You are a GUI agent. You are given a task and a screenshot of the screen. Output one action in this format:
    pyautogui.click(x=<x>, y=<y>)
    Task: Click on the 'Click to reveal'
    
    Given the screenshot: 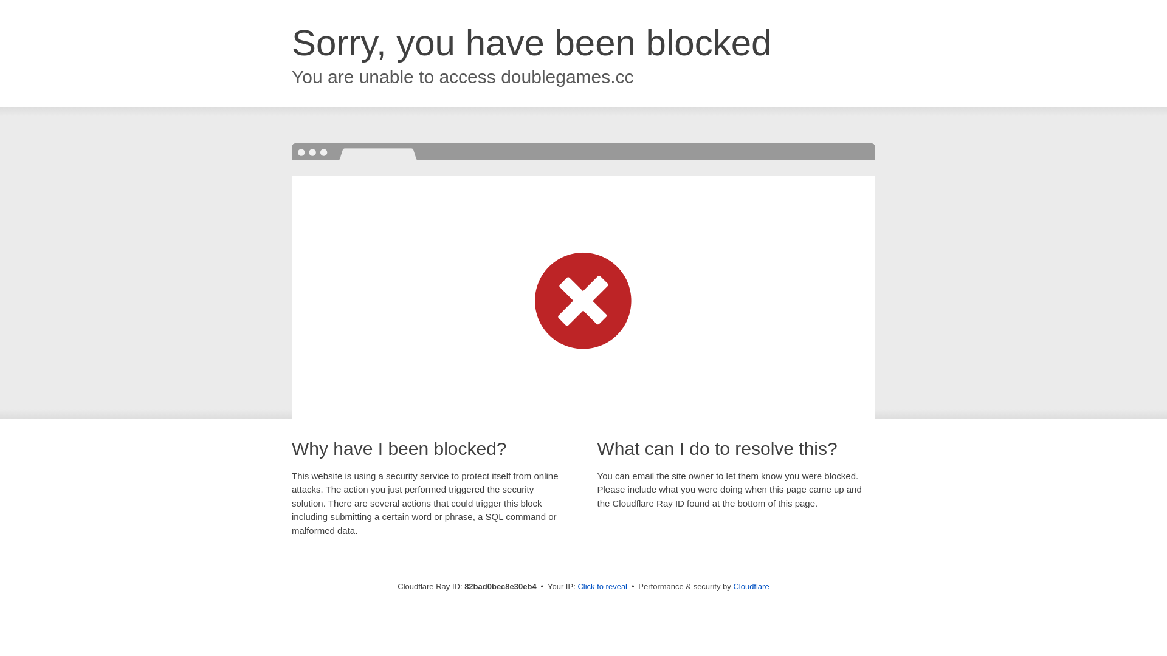 What is the action you would take?
    pyautogui.click(x=602, y=586)
    